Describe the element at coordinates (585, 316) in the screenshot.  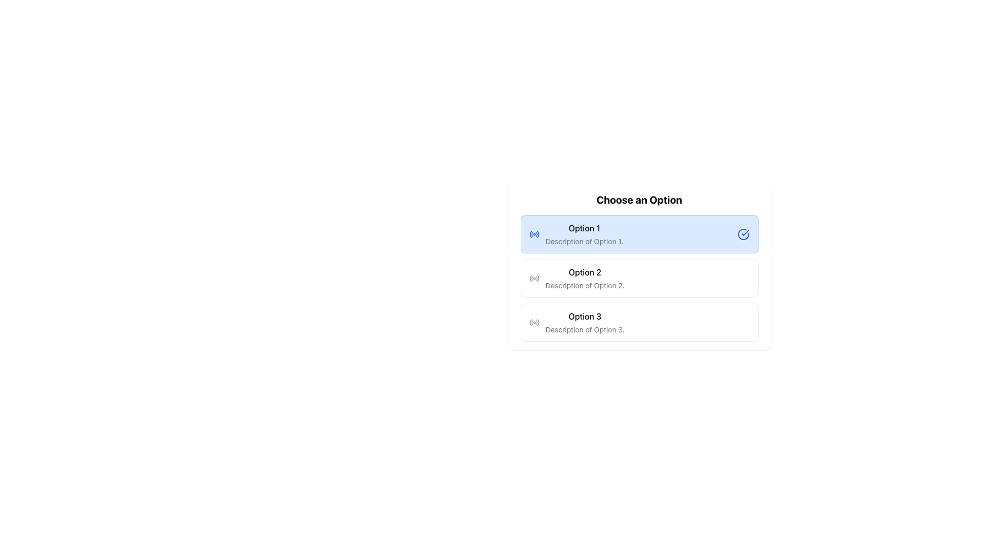
I see `the title label of the third selectable option in the vertically stacked list, which is located above 'Description of Option 3' and below 'Option 2'` at that location.